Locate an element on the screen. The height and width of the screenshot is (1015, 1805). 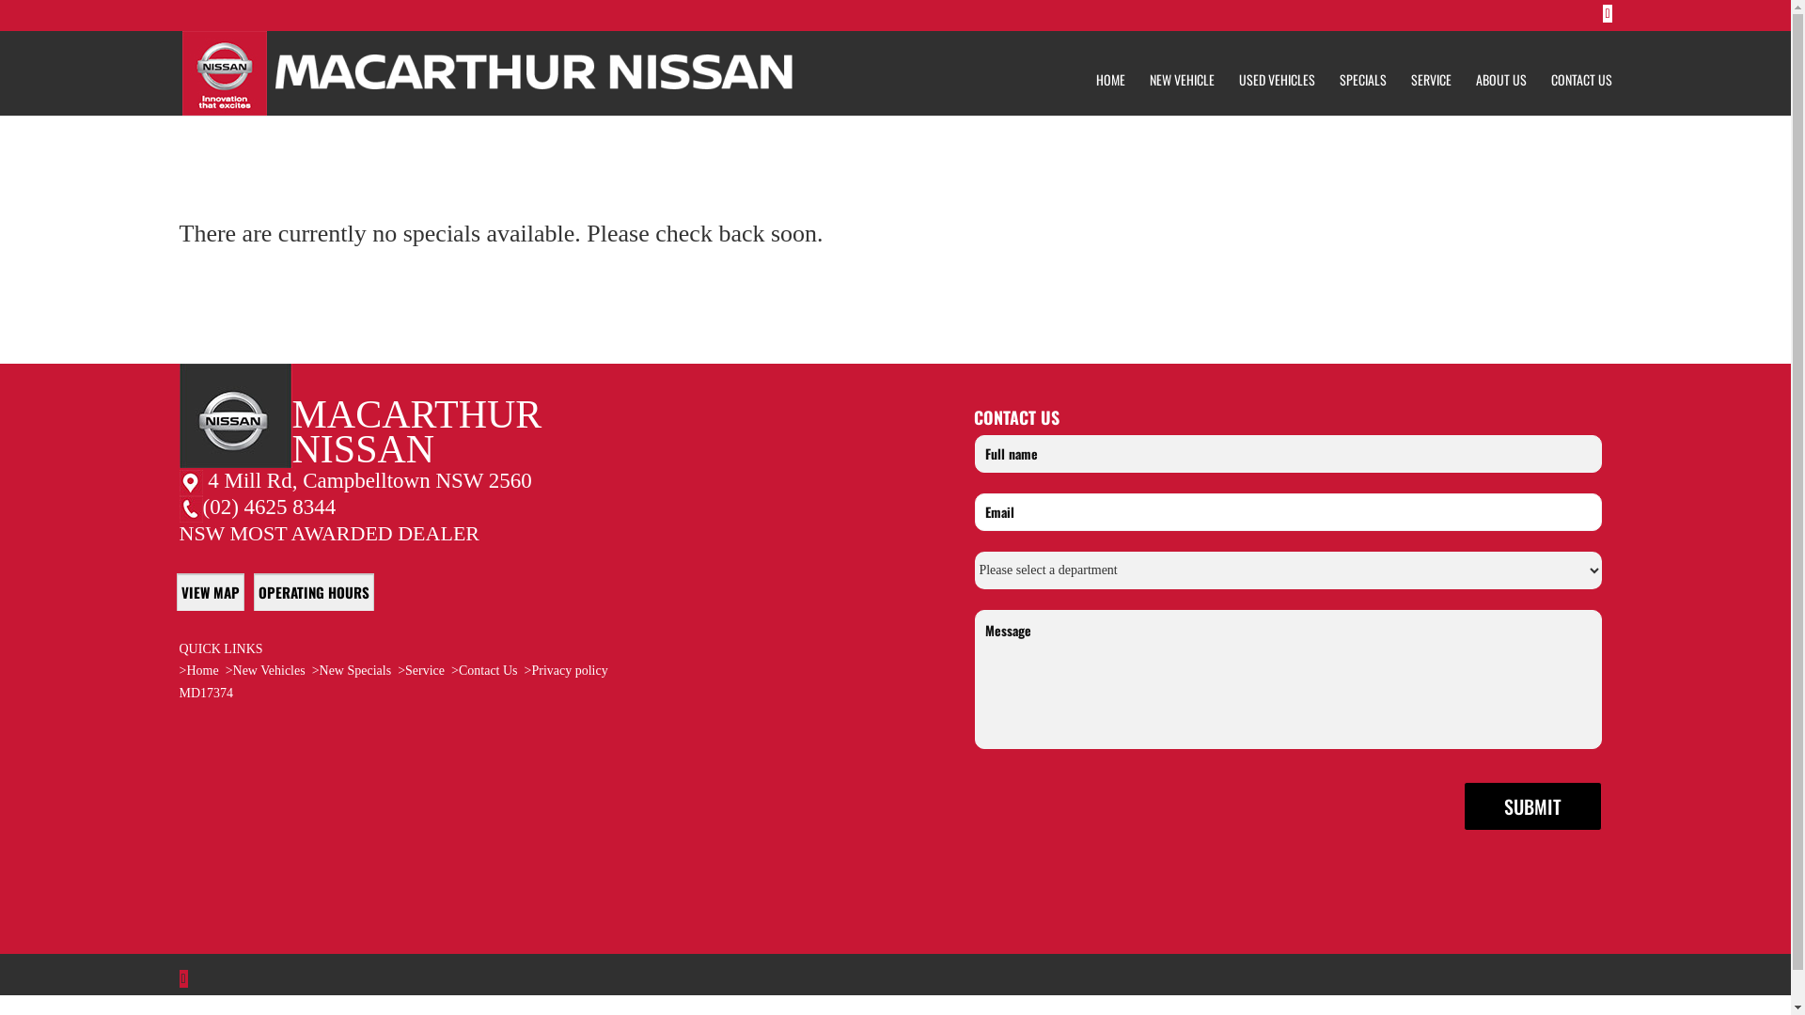
'VIEW MAP' is located at coordinates (211, 590).